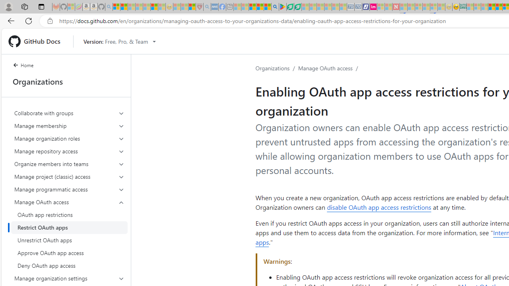 The width and height of the screenshot is (509, 286). What do you see at coordinates (69, 125) in the screenshot?
I see `'Manage membership'` at bounding box center [69, 125].